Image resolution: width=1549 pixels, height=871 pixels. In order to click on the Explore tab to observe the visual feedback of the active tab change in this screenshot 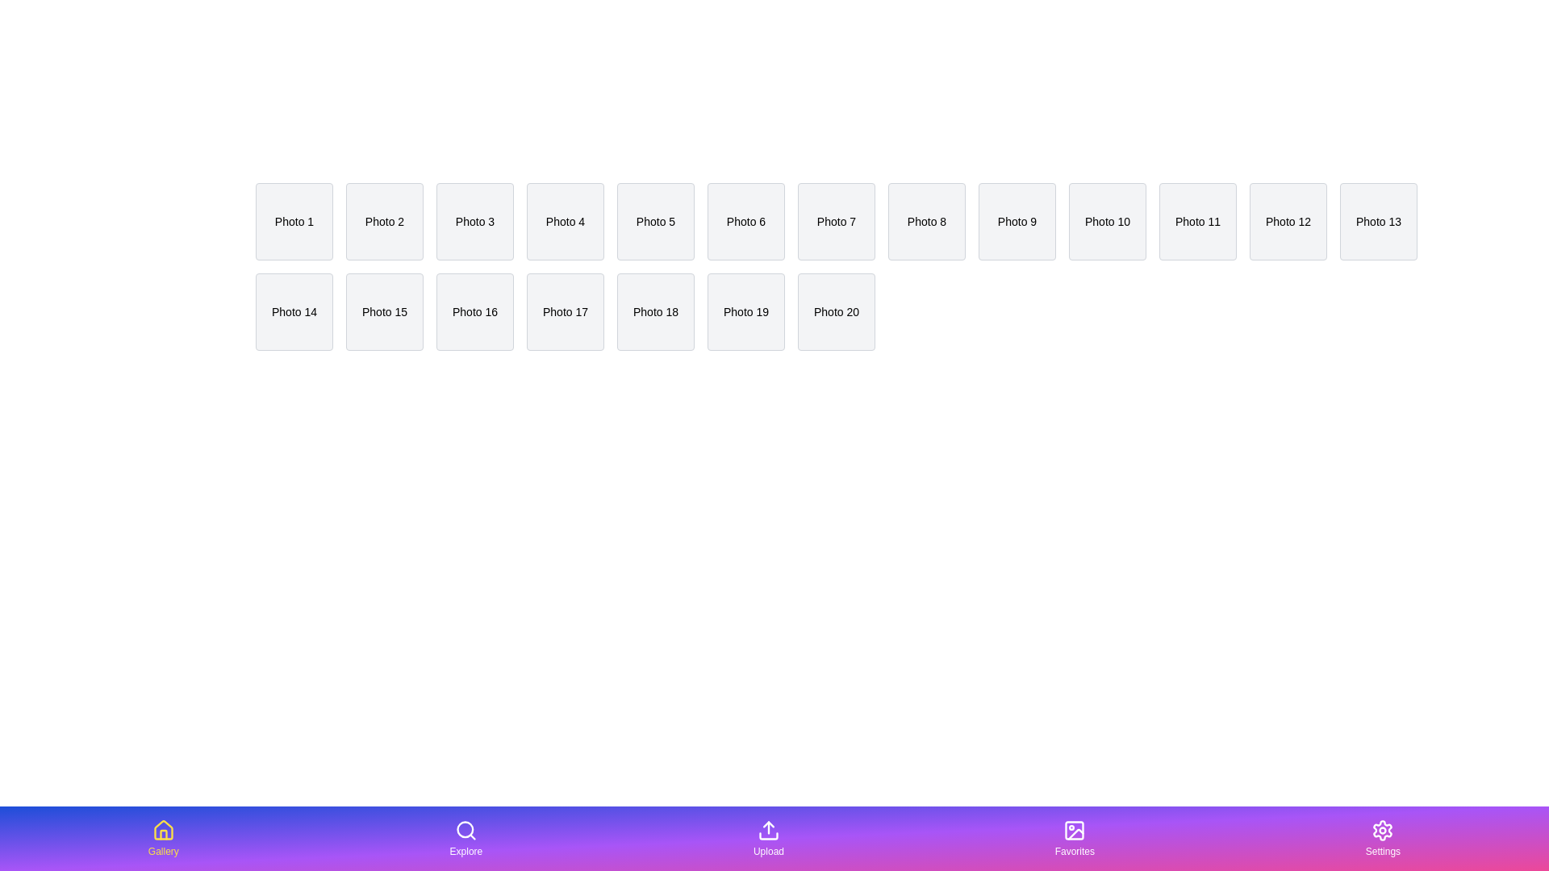, I will do `click(464, 838)`.